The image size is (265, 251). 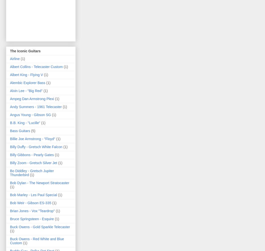 I want to click on 'Bruce Springsteen - Esquire', so click(x=32, y=219).